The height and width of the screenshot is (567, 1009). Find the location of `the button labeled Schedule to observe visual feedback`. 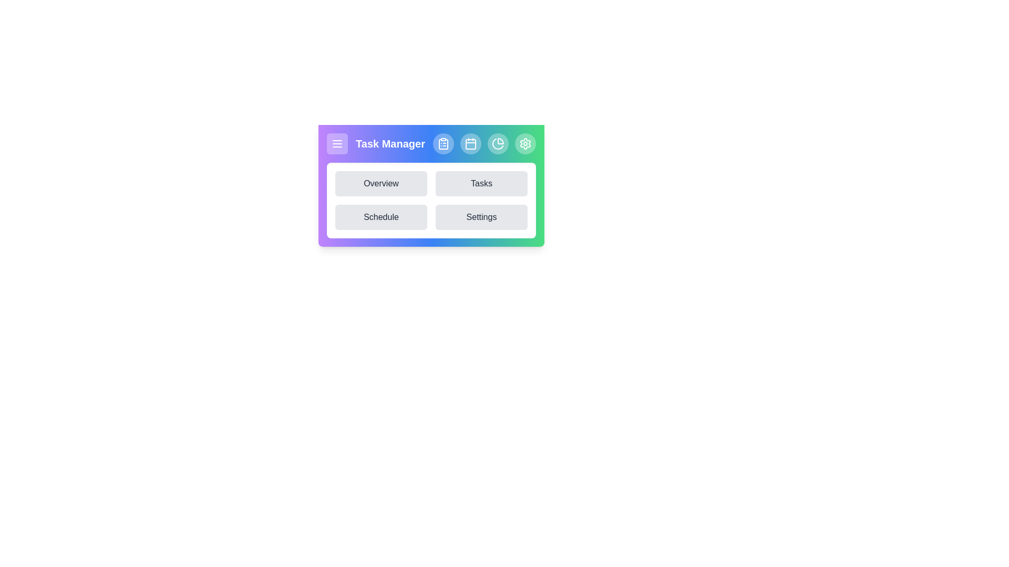

the button labeled Schedule to observe visual feedback is located at coordinates (380, 216).